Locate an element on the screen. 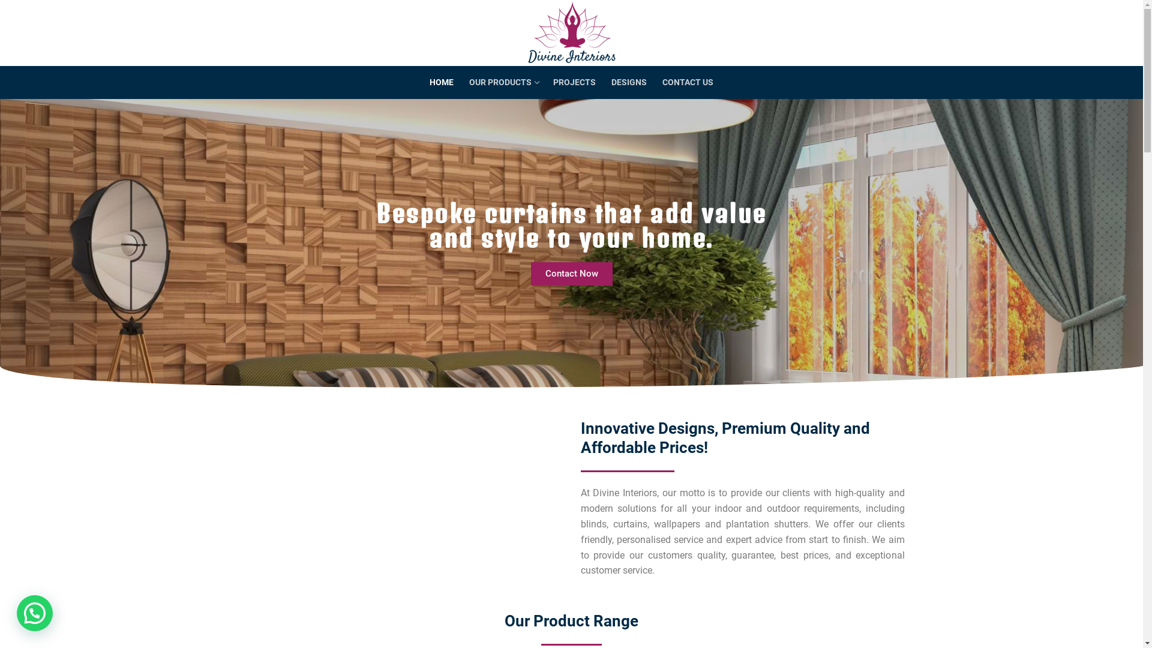  'OUR PRODUCTS is located at coordinates (460, 82).